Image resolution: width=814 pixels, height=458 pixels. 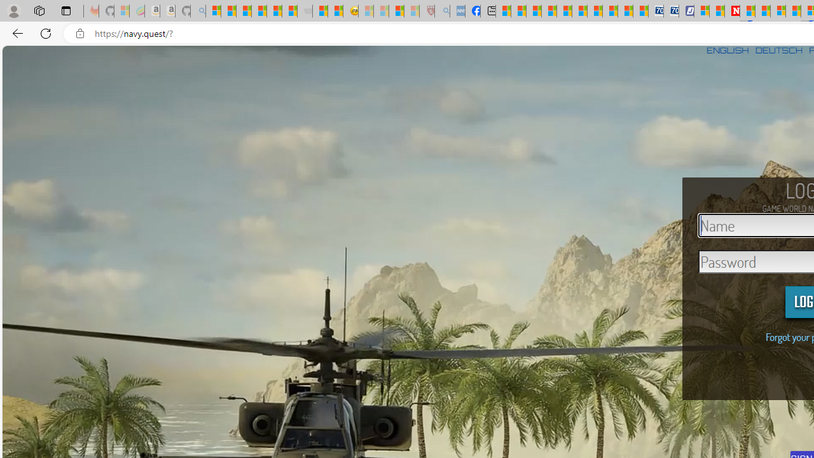 What do you see at coordinates (244, 11) in the screenshot?
I see `'The Weather Channel - MSN'` at bounding box center [244, 11].